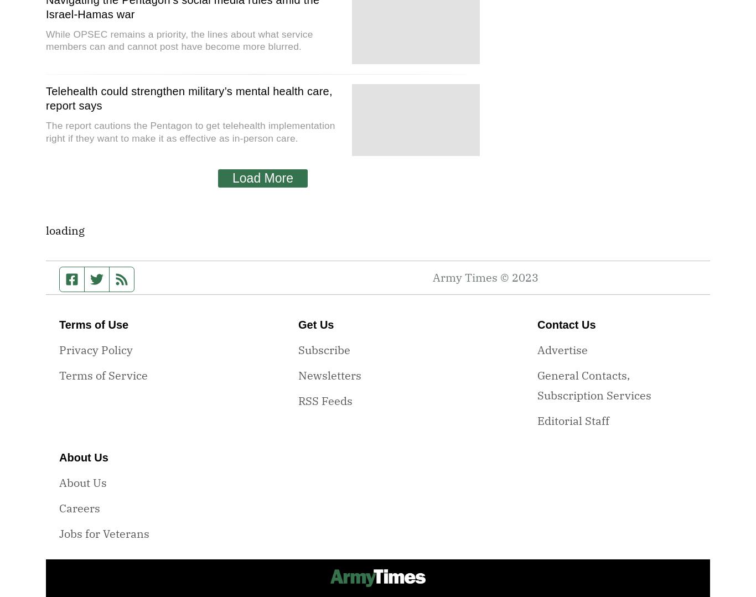  I want to click on 'Telehealth could strengthen military’s mental health care, report says', so click(46, 98).